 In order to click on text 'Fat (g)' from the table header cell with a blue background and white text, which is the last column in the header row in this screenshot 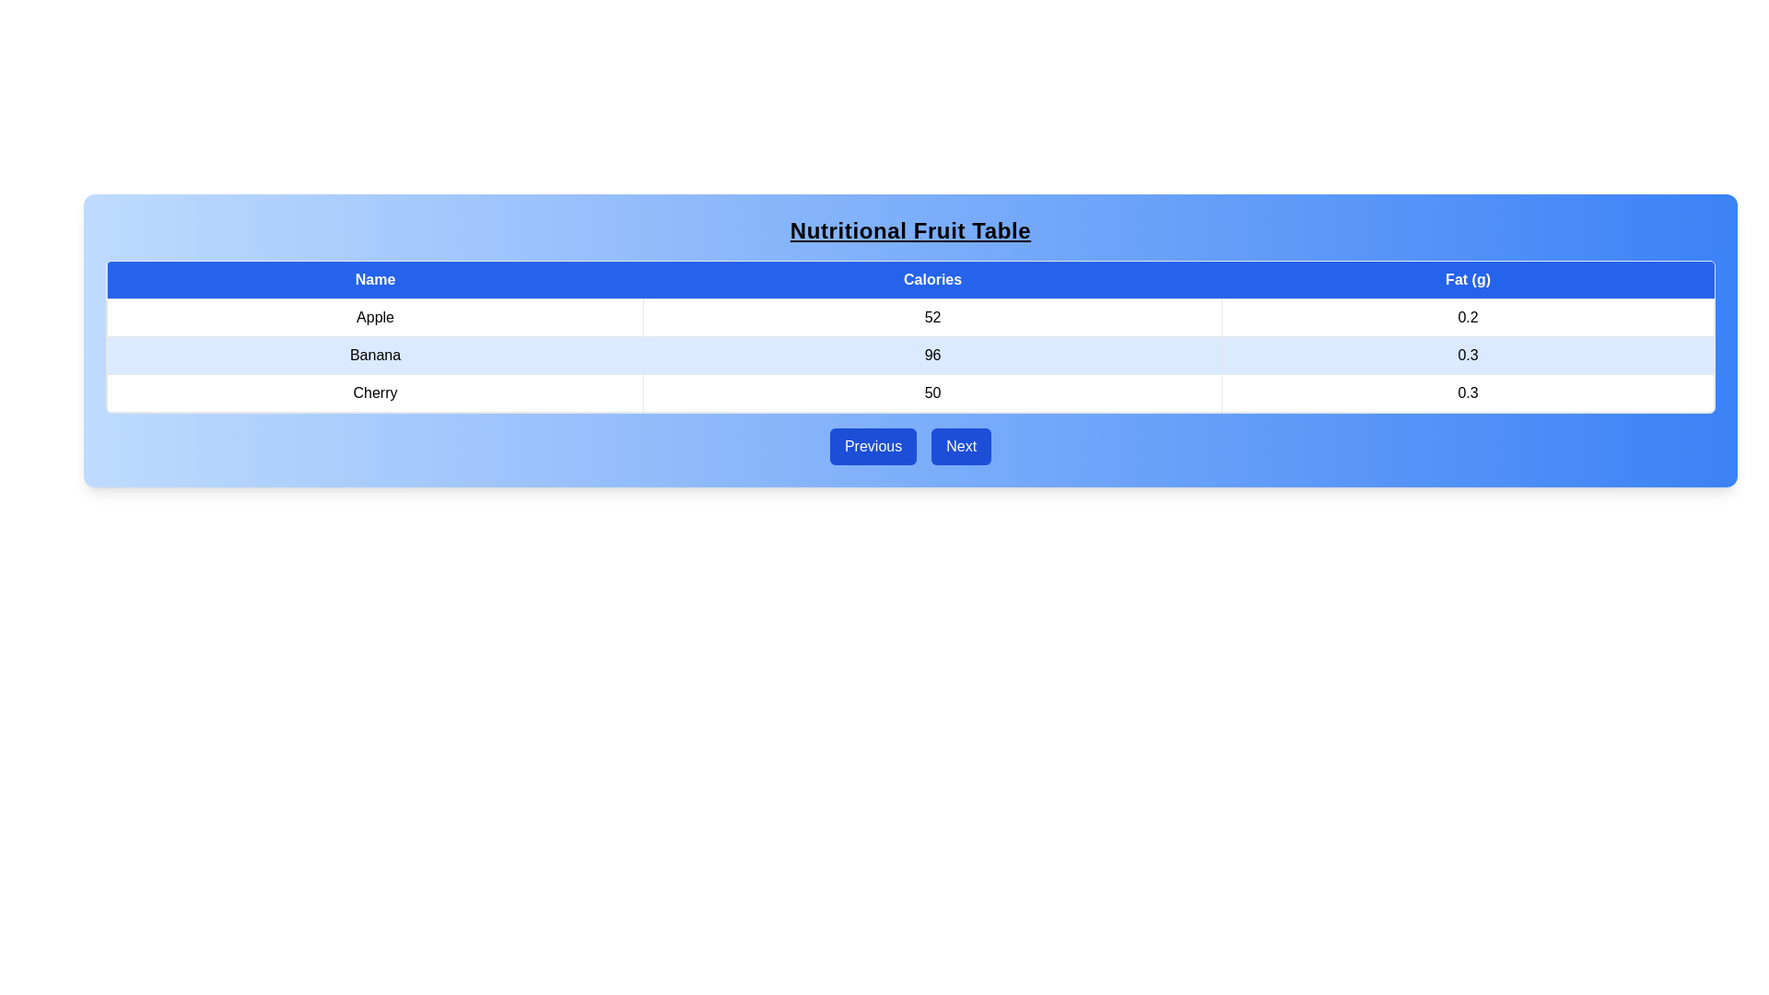, I will do `click(1467, 280)`.